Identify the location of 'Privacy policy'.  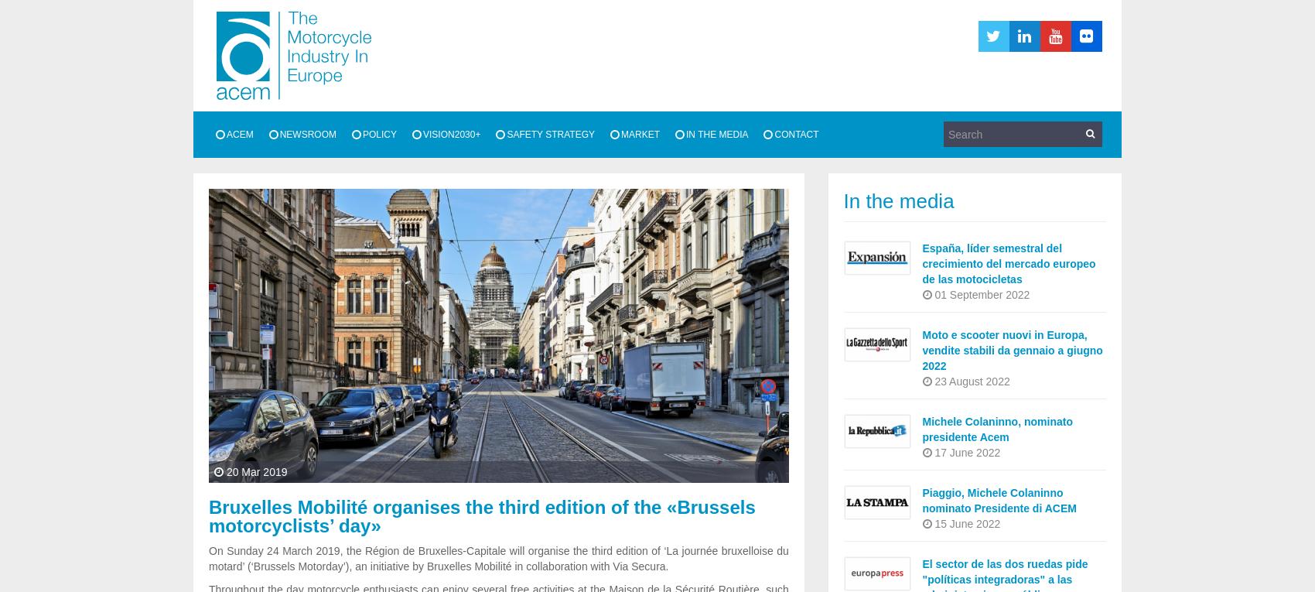
(319, 265).